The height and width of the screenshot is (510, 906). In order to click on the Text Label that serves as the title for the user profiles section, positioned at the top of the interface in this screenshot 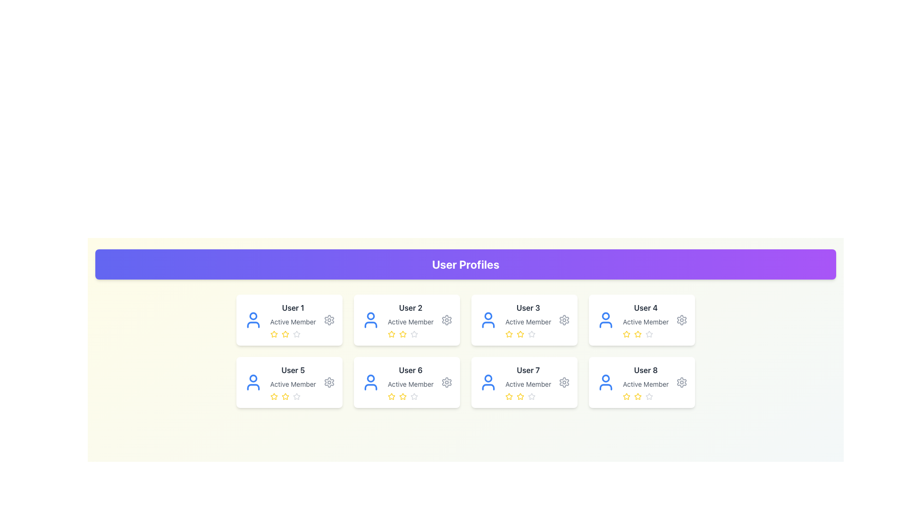, I will do `click(466, 264)`.